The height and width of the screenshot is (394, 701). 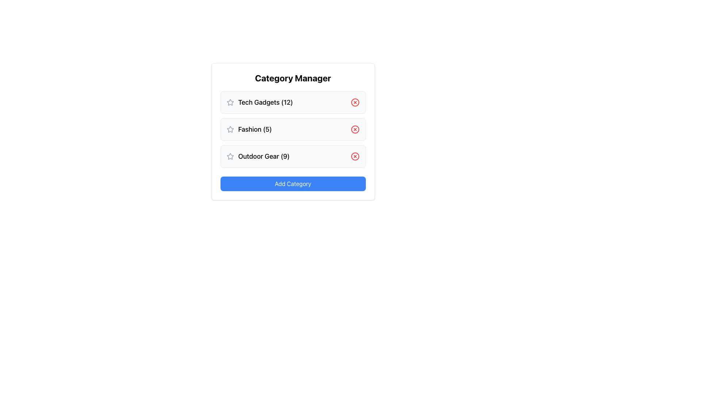 What do you see at coordinates (230, 129) in the screenshot?
I see `the star-shaped icon with a hollow outline in the 'Fashion (5)' category` at bounding box center [230, 129].